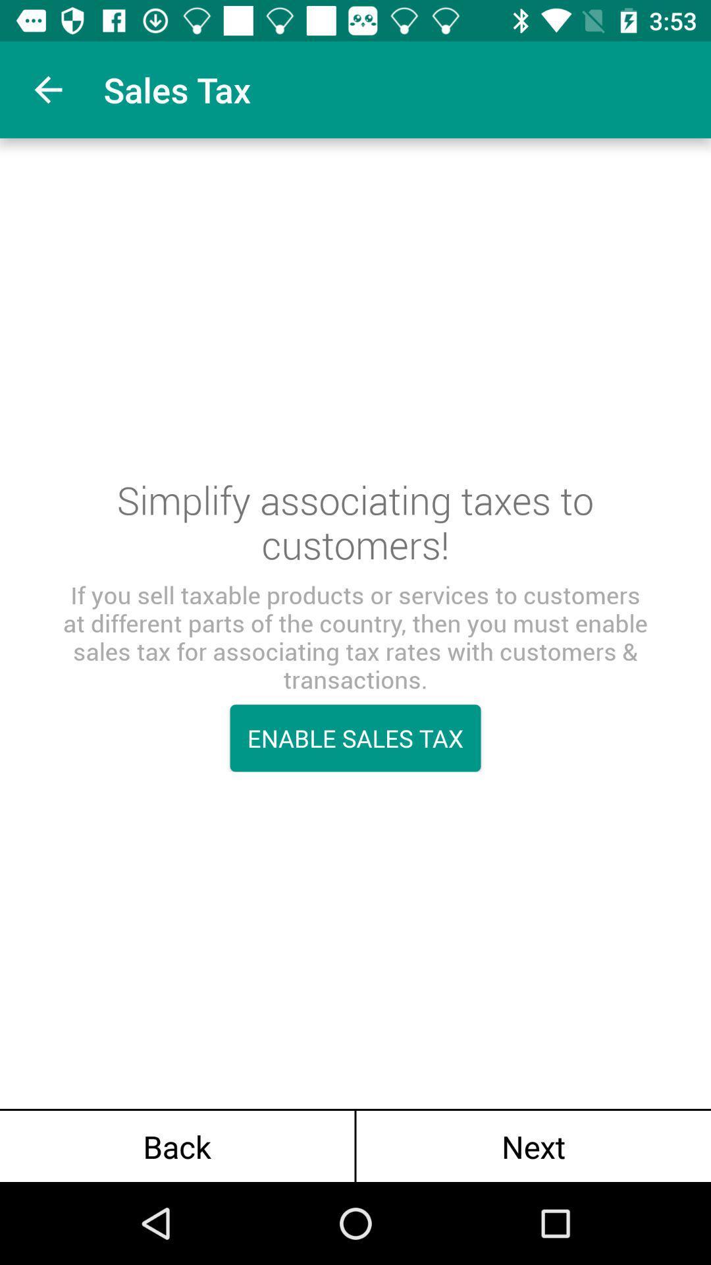  Describe the element at coordinates (47, 89) in the screenshot. I see `the item above the simplify associating taxes` at that location.